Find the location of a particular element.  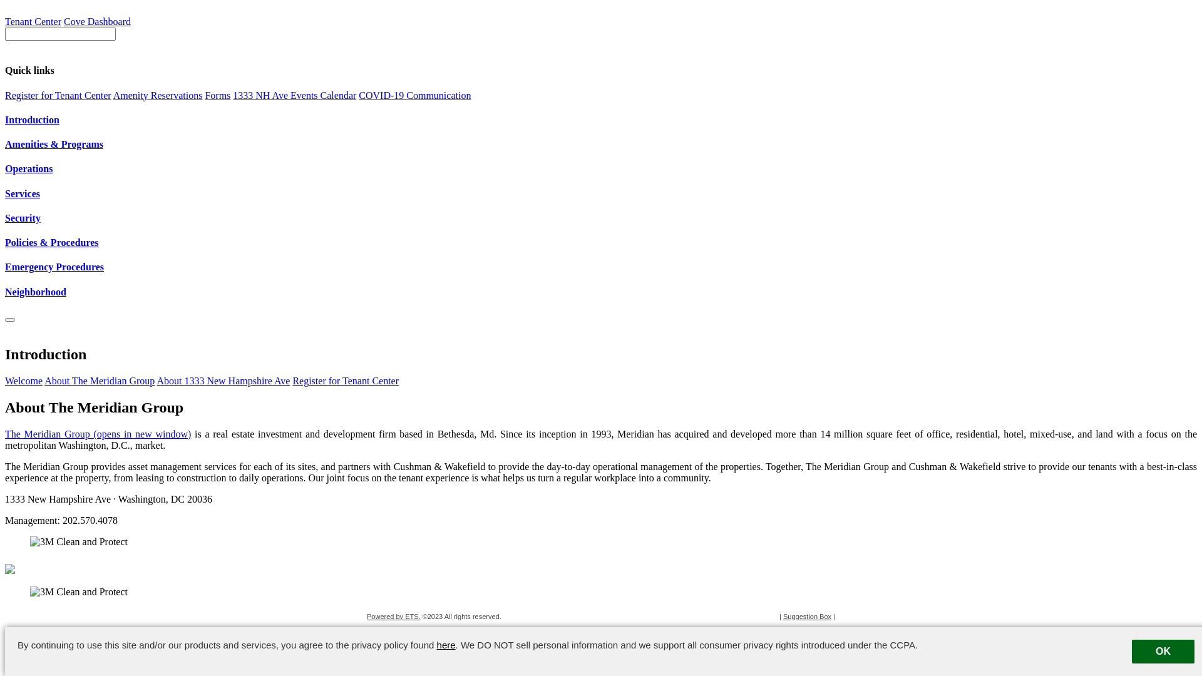

'Amenity Reservations' is located at coordinates (157, 95).